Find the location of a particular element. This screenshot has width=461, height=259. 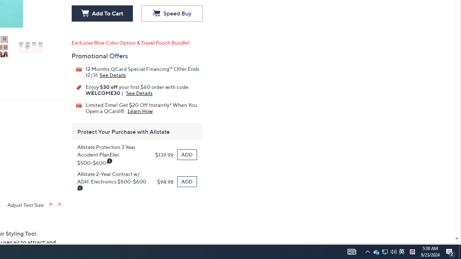

'User Promoted Notification Area' is located at coordinates (384, 251).